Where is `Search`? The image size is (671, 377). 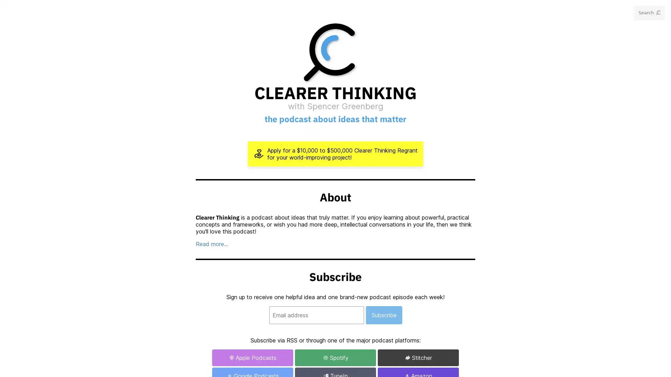 Search is located at coordinates (649, 13).